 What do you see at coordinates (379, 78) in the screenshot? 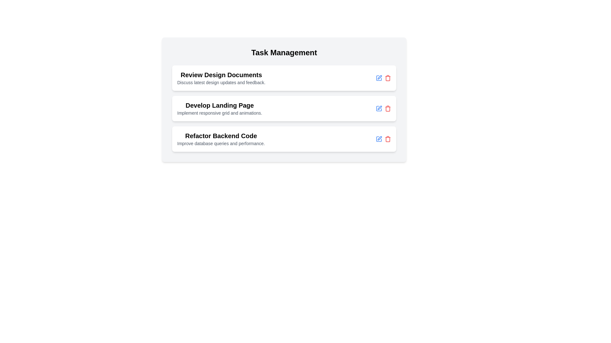
I see `the blue pen icon button, which is the leftmost icon in the group of icons within its task card at the top of the task list` at bounding box center [379, 78].